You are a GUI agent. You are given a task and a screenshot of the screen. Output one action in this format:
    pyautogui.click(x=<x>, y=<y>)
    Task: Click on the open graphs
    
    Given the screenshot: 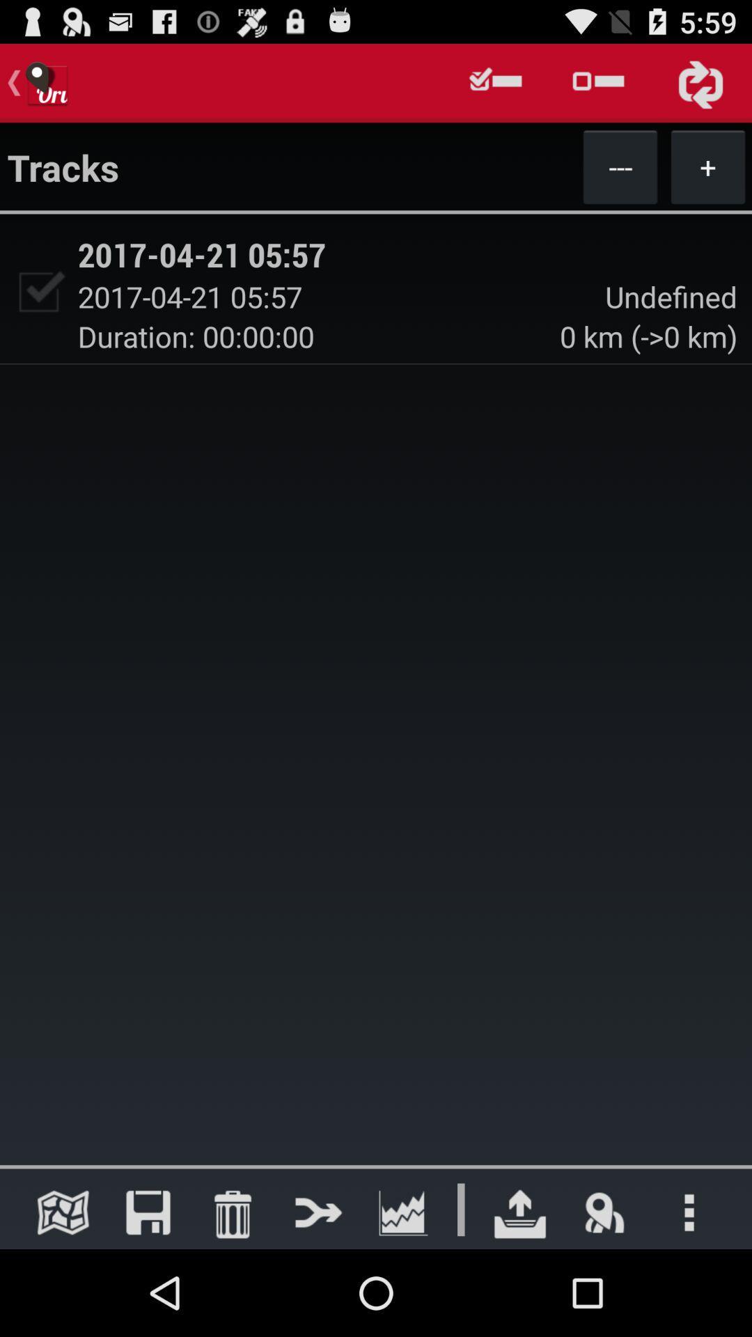 What is the action you would take?
    pyautogui.click(x=402, y=1212)
    